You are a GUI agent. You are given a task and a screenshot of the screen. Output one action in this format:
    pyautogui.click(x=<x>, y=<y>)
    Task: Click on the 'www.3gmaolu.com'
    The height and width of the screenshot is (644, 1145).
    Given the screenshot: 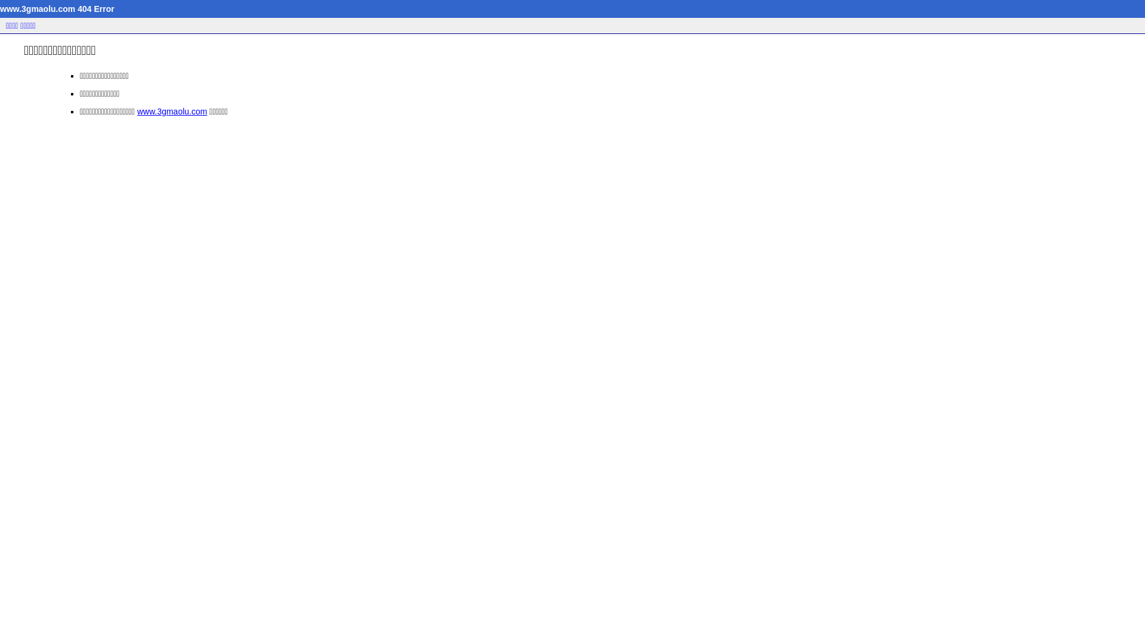 What is the action you would take?
    pyautogui.click(x=171, y=111)
    